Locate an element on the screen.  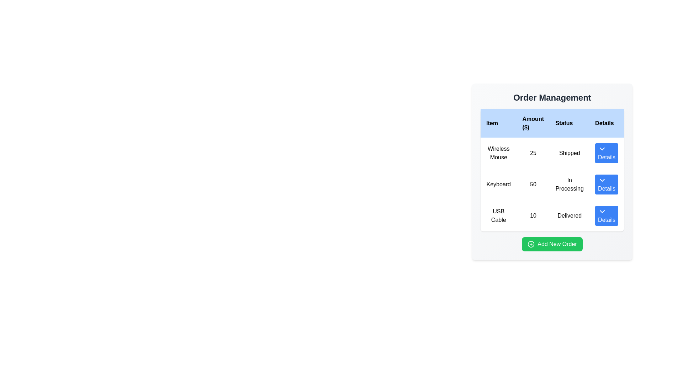
the circular 'plus' icon representing the action is located at coordinates (531, 244).